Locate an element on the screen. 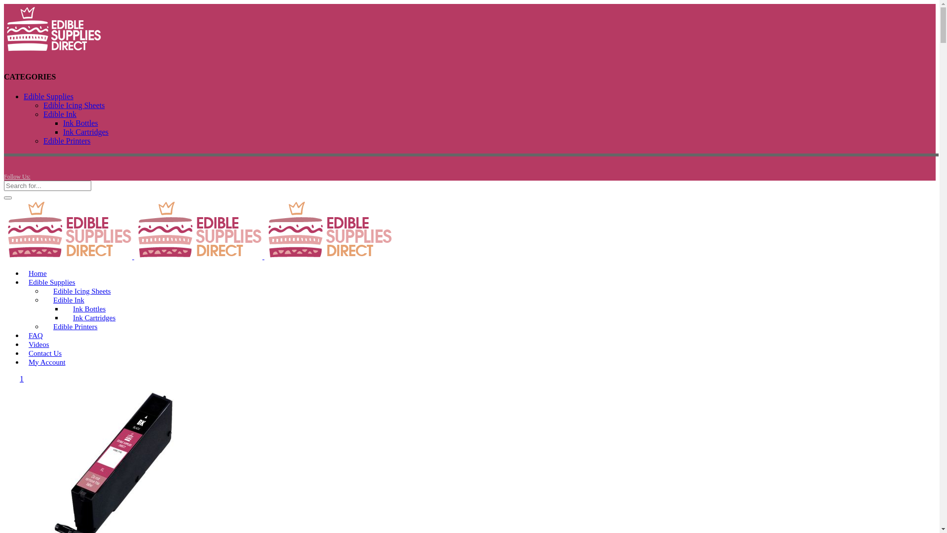 The height and width of the screenshot is (533, 947). 'Ink Cartridges' is located at coordinates (85, 131).